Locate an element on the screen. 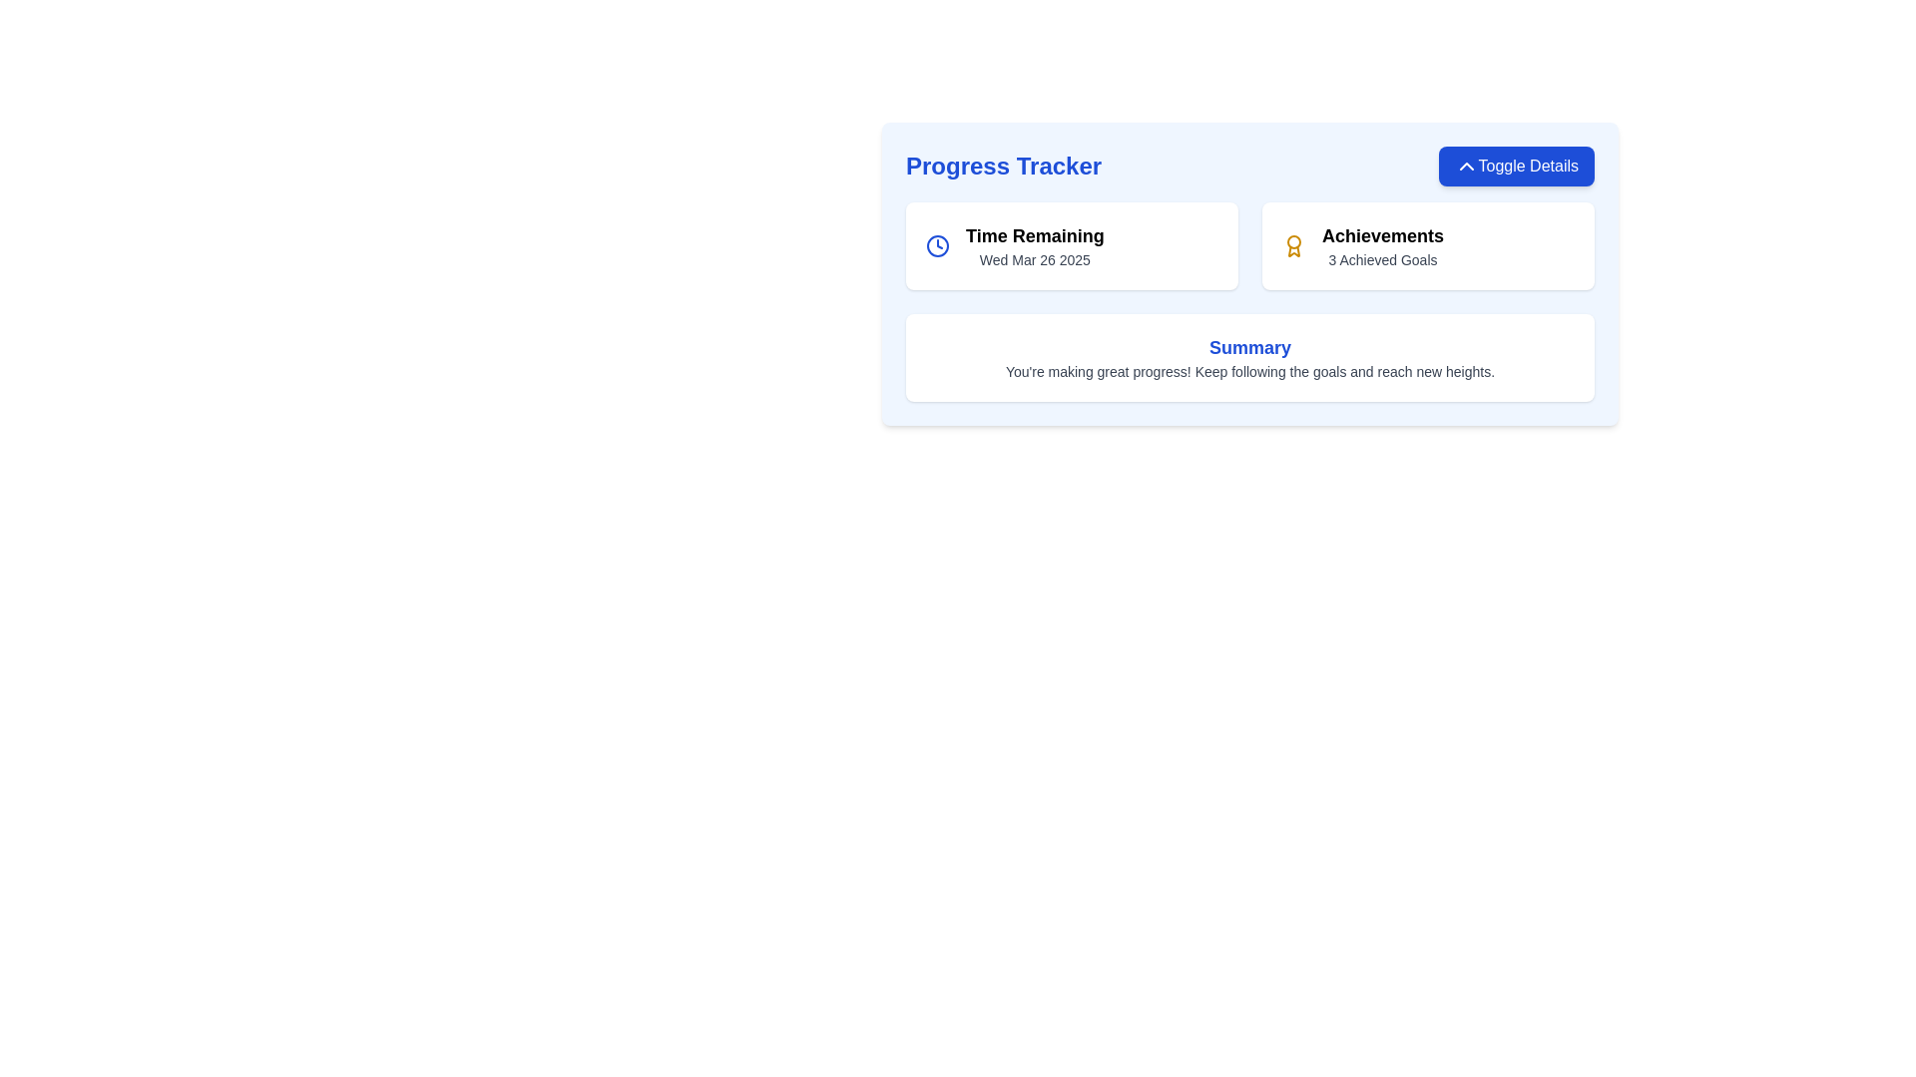 The image size is (1916, 1077). the 'Toggle Details' button is located at coordinates (1516, 165).